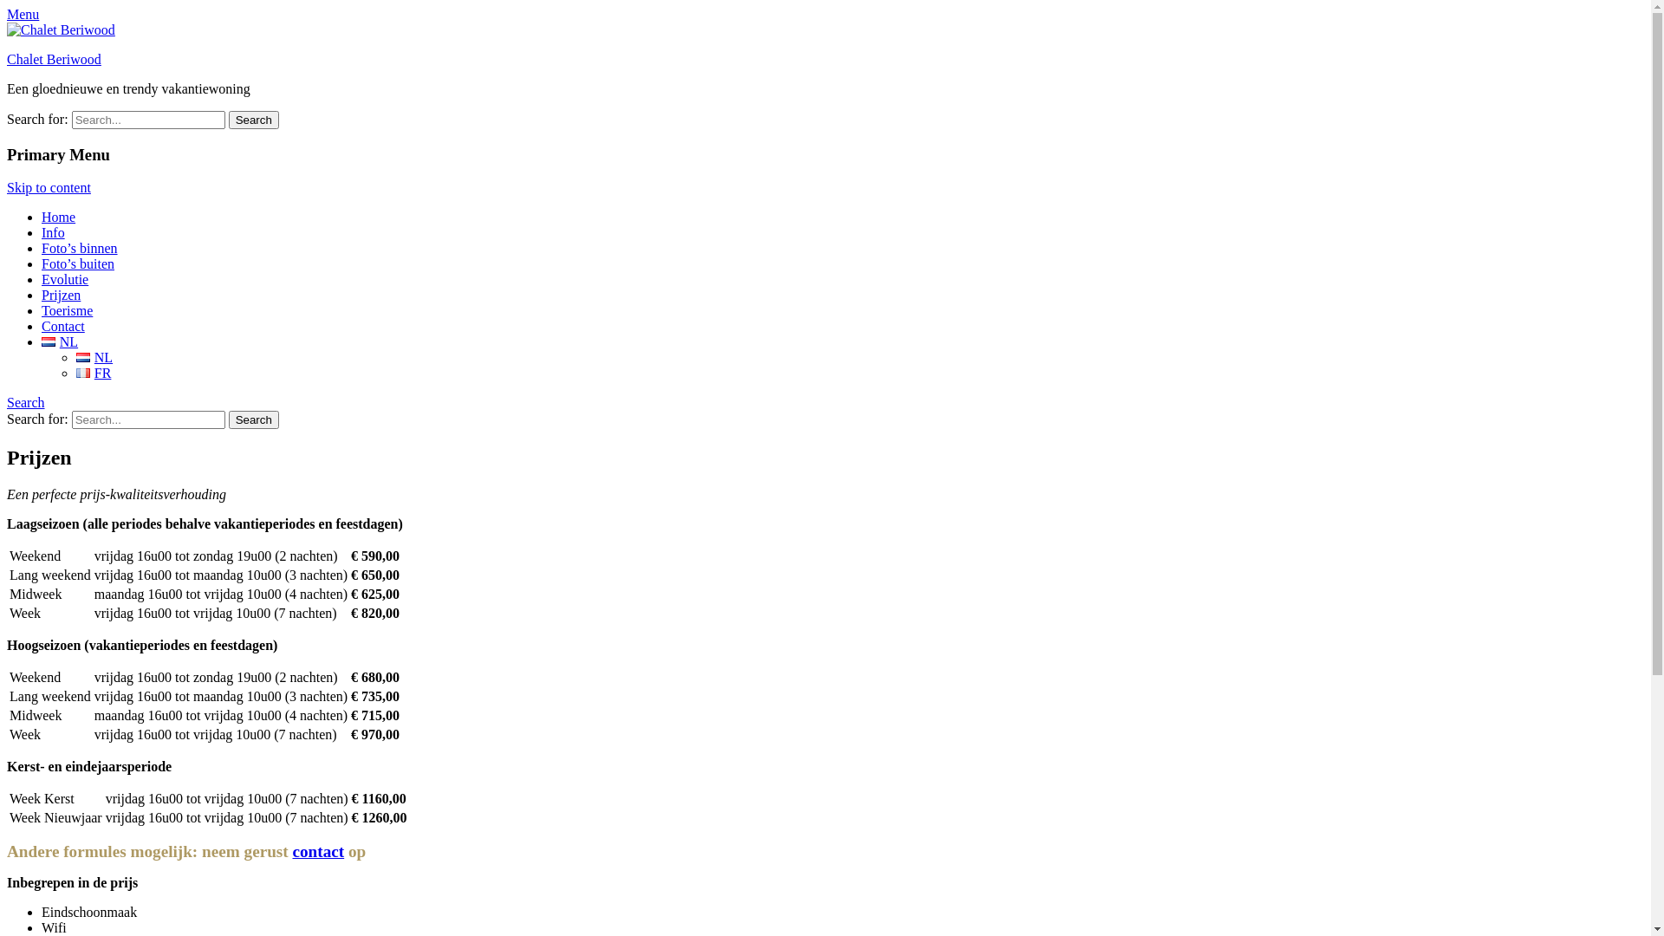  Describe the element at coordinates (70, 119) in the screenshot. I see `'Search for:'` at that location.